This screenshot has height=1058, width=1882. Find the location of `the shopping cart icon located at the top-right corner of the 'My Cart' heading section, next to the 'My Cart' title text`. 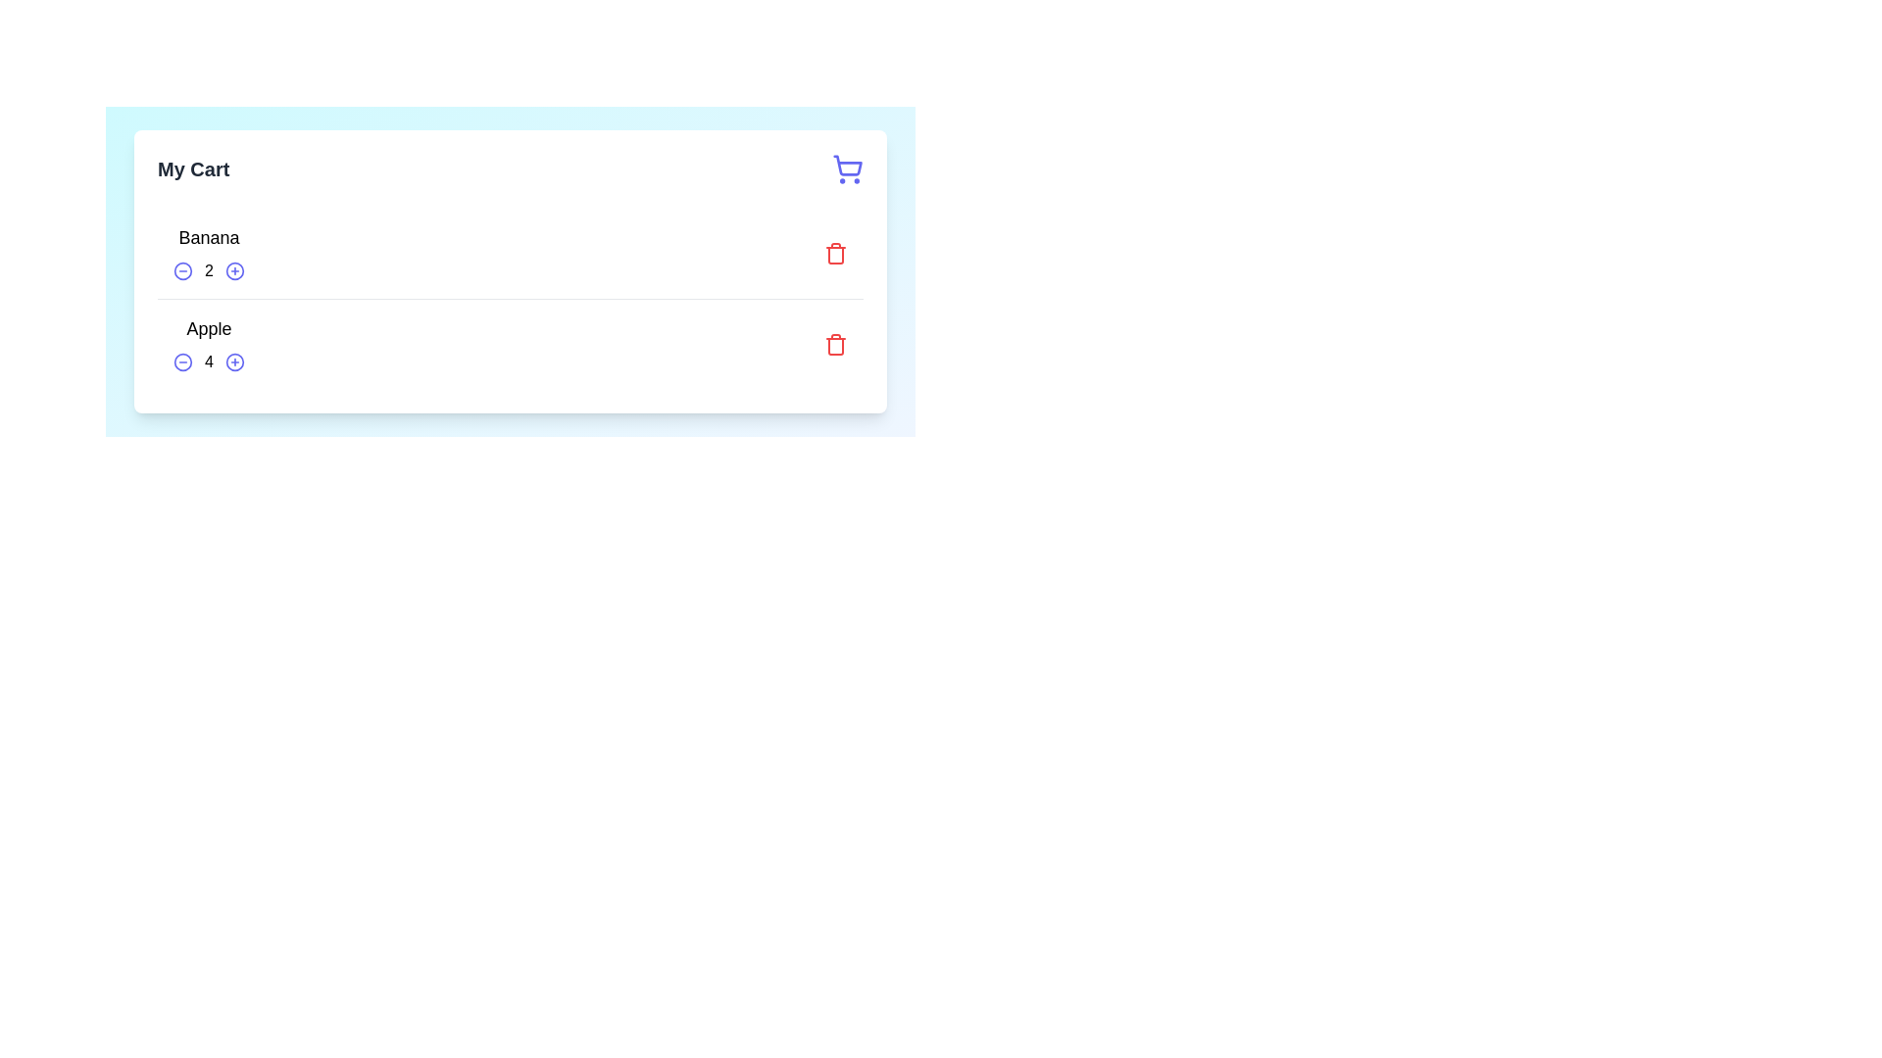

the shopping cart icon located at the top-right corner of the 'My Cart' heading section, next to the 'My Cart' title text is located at coordinates (847, 168).